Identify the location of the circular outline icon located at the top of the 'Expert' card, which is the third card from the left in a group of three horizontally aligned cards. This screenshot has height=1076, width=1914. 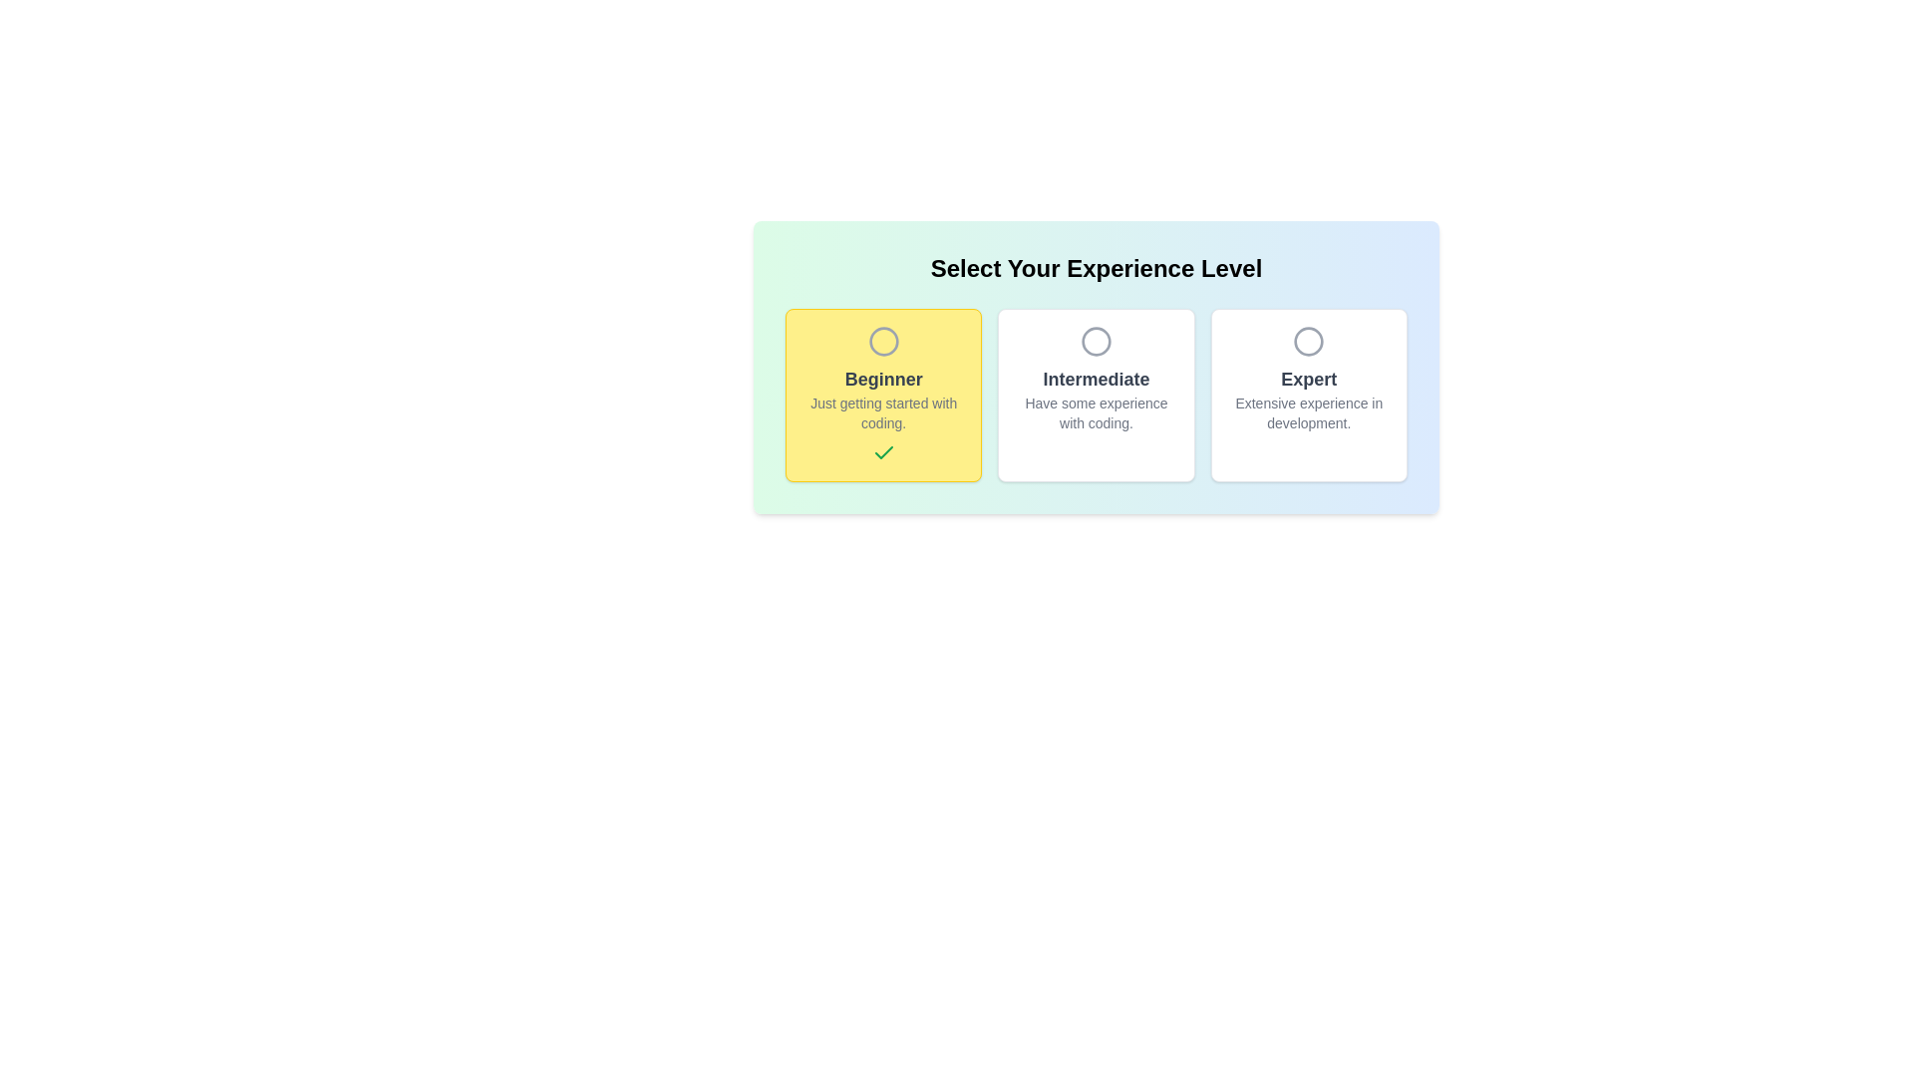
(1309, 341).